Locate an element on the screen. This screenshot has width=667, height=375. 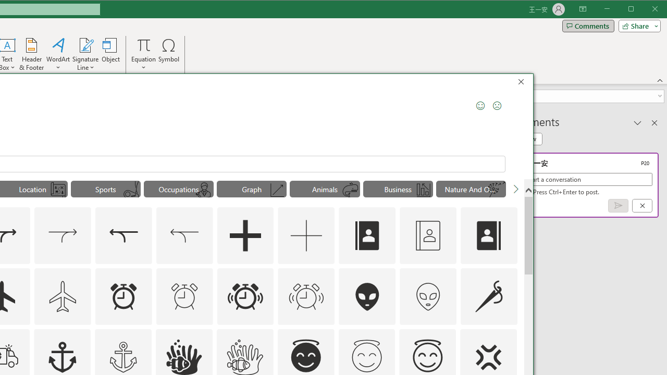
'AutomationID: Icons_AlterationsTailoring' is located at coordinates (488, 296).